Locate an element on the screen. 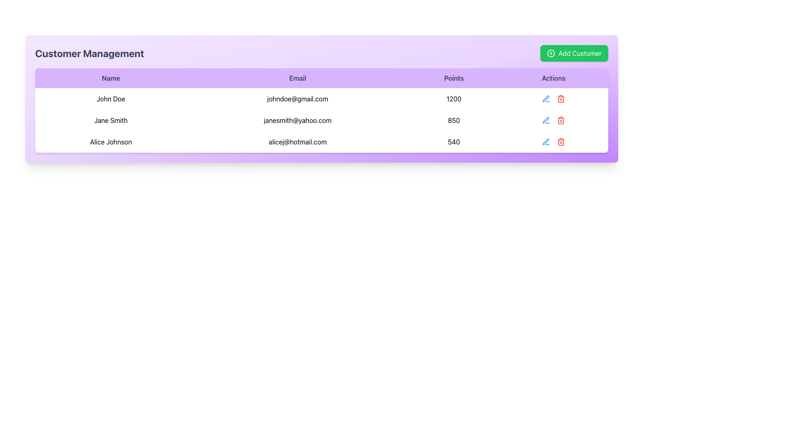  the Text Display showing 'Alice Johnson' in black text on a white background, located in the third row of the table under the 'Name' column is located at coordinates (111, 142).